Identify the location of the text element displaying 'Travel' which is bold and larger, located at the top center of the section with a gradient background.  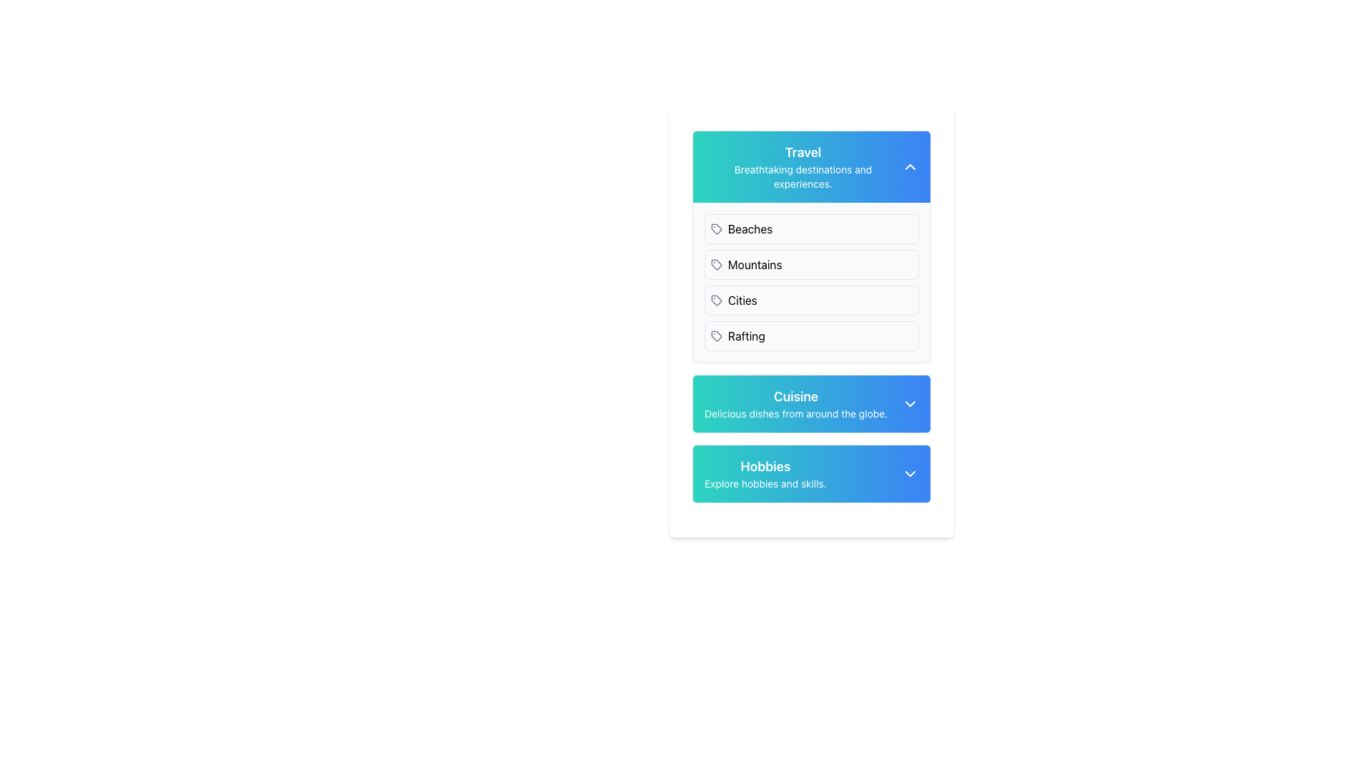
(802, 152).